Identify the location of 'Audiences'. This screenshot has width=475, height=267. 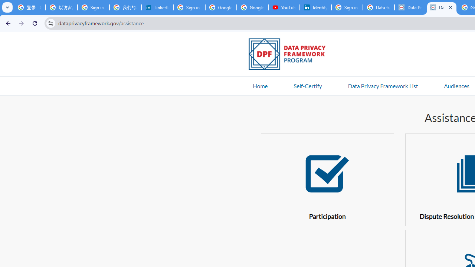
(456, 85).